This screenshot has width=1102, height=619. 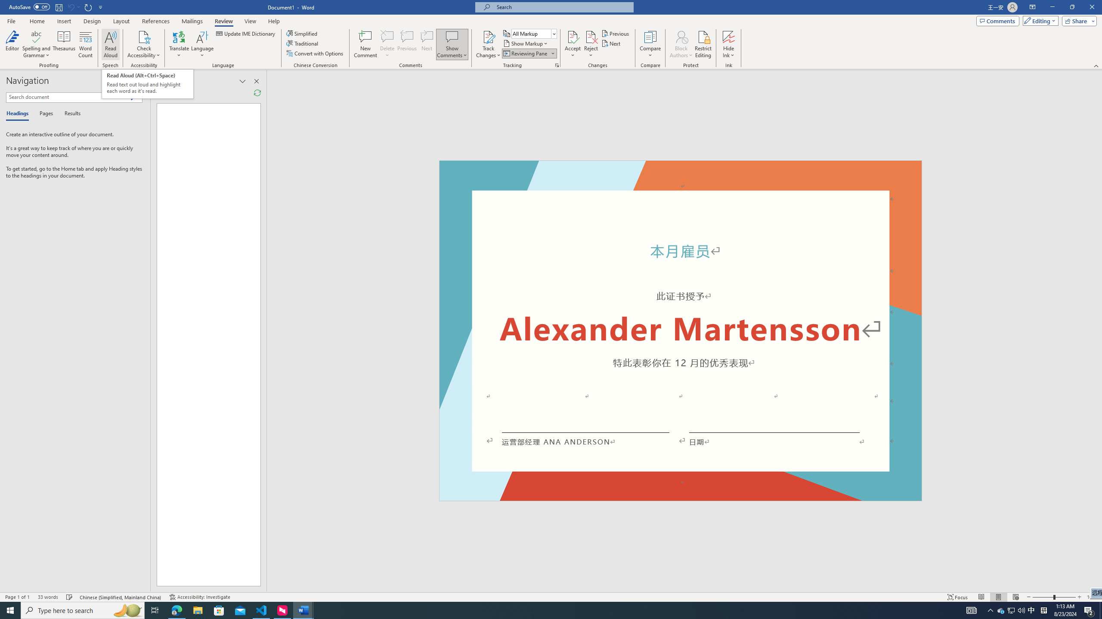 I want to click on 'Language Chinese (Simplified, Mainland China)', so click(x=121, y=597).